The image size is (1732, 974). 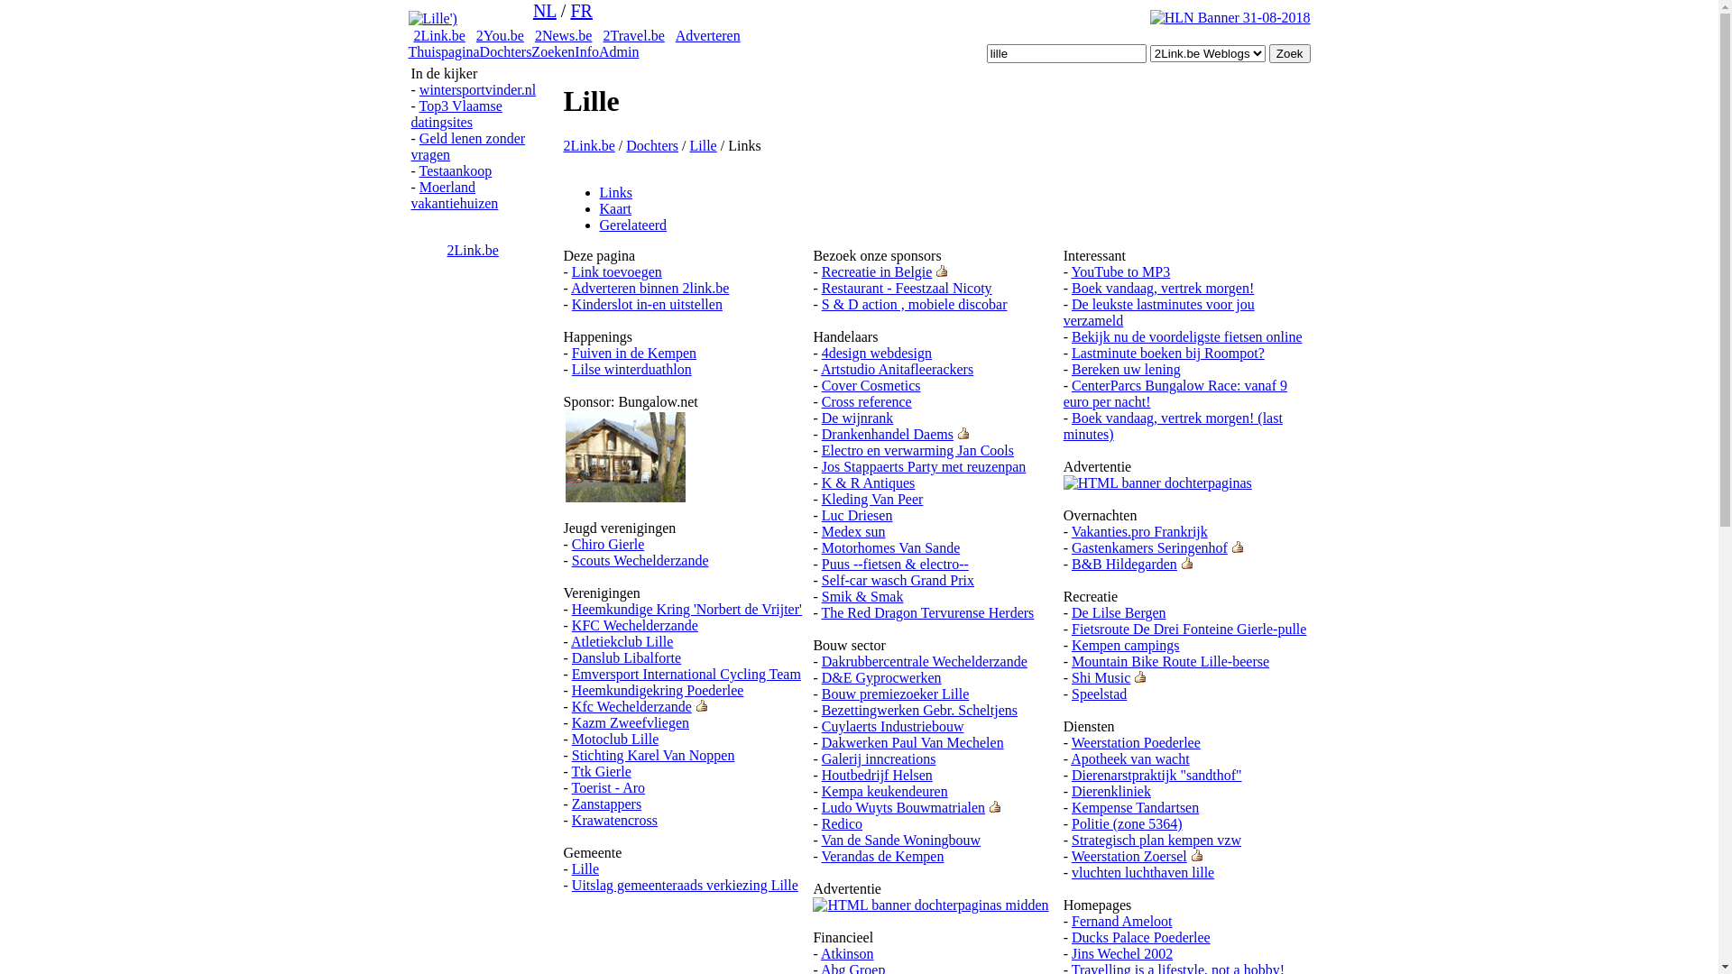 I want to click on 'Cover Cosmetics', so click(x=821, y=384).